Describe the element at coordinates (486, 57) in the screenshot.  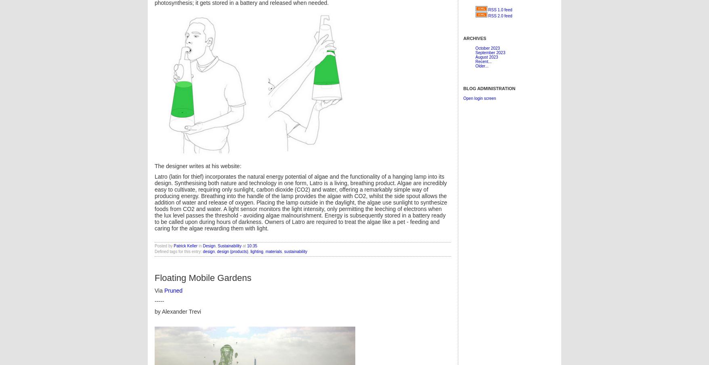
I see `'August 2023'` at that location.